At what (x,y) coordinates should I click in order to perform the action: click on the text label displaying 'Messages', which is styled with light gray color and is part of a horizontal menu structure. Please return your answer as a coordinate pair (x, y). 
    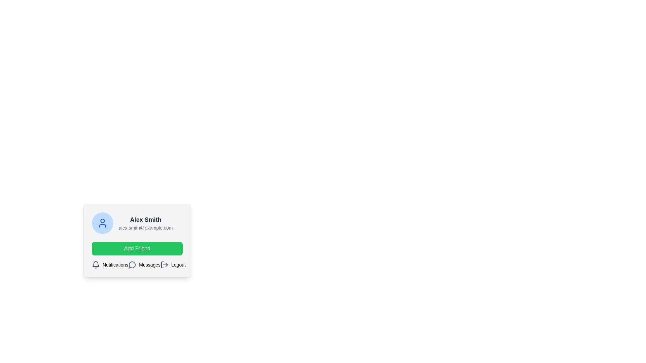
    Looking at the image, I should click on (149, 264).